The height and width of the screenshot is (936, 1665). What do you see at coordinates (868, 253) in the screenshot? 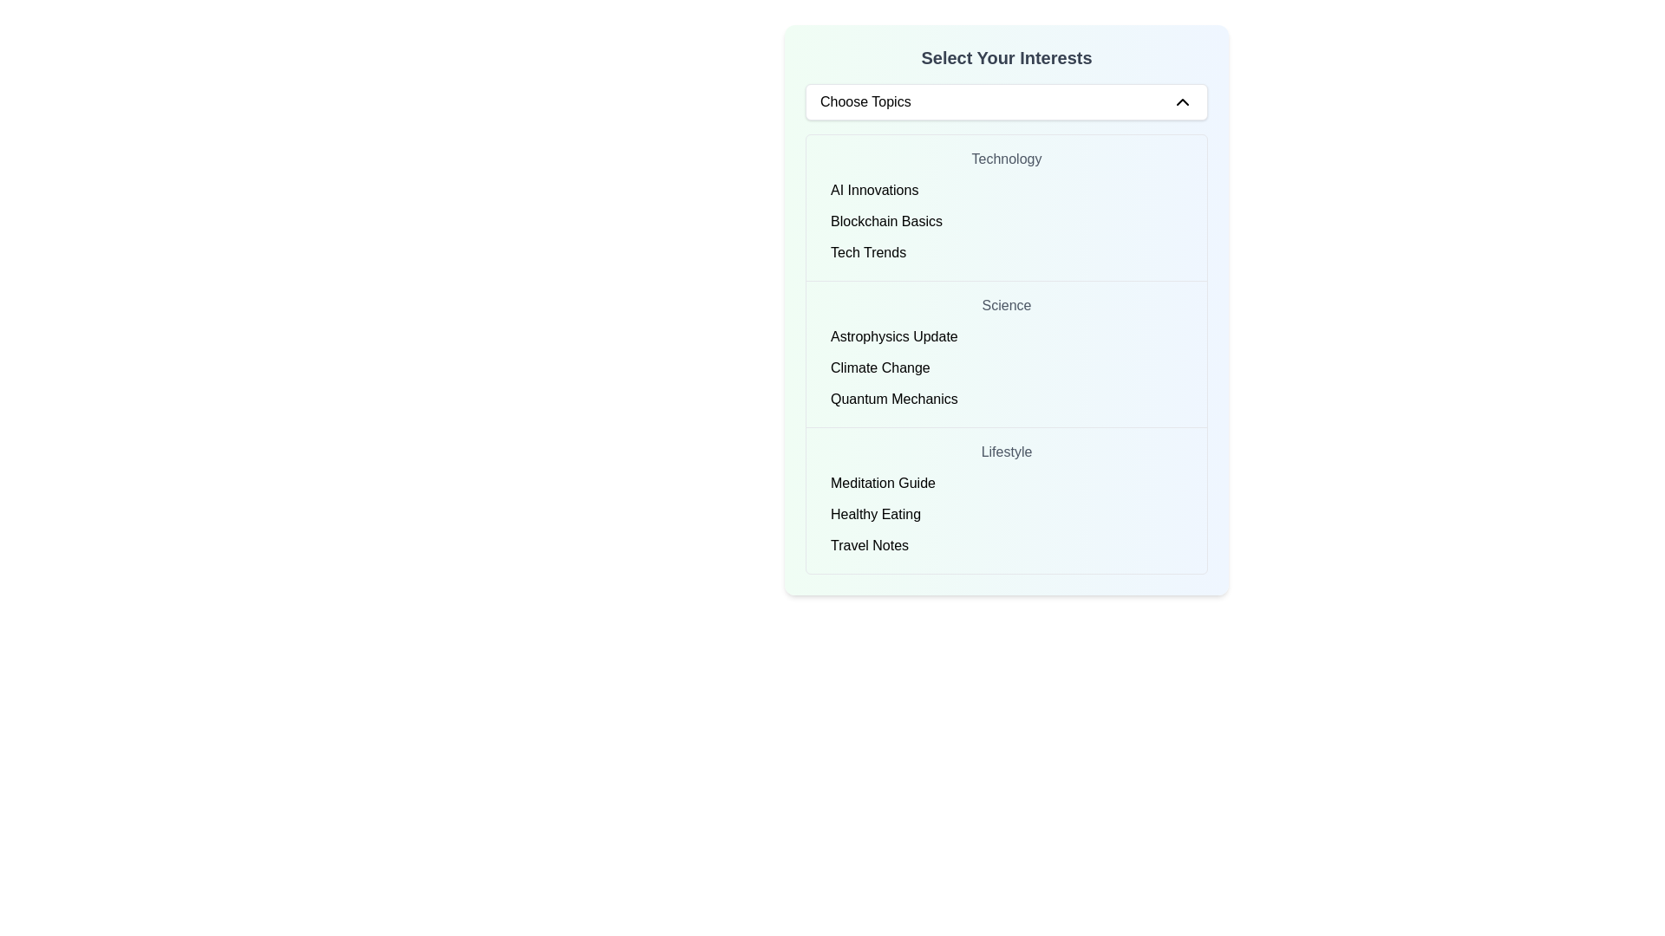
I see `the third Text label in the 'Technology' category of the 'Select Your Interests' list` at bounding box center [868, 253].